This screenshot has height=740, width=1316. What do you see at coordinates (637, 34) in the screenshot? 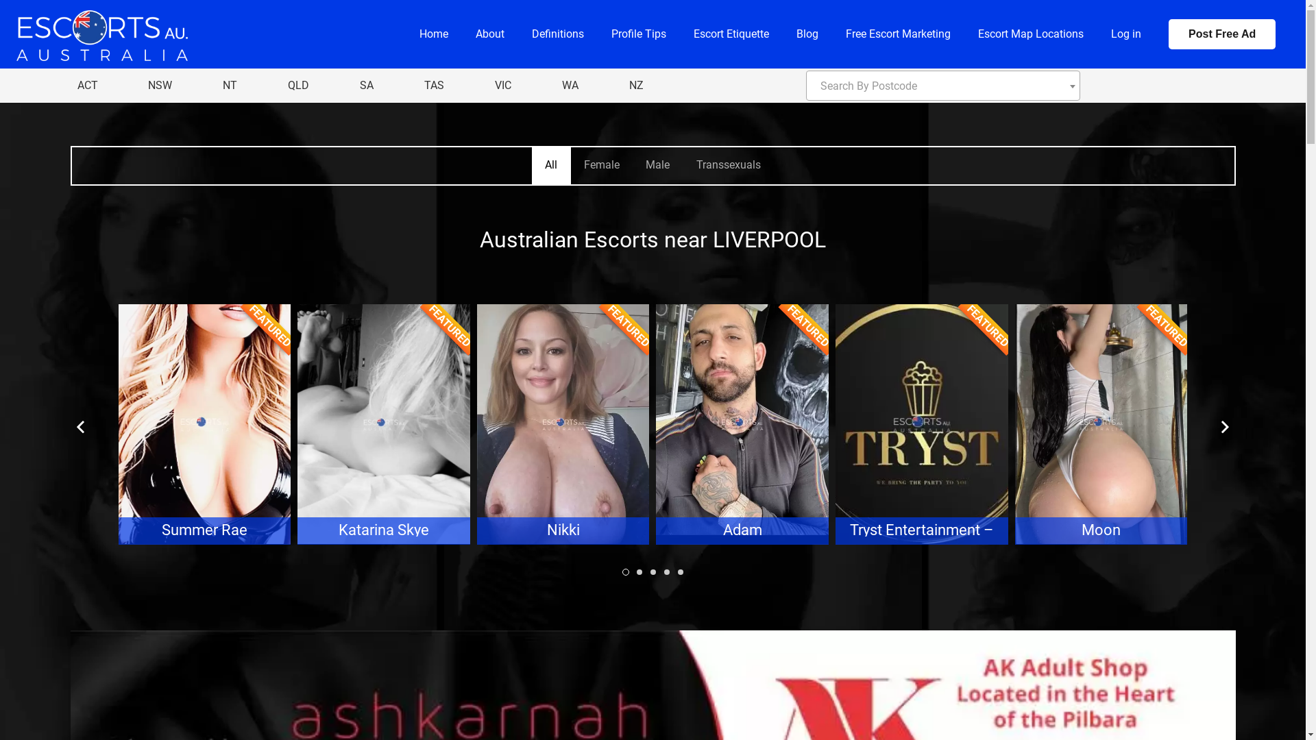
I see `'Profile Tips'` at bounding box center [637, 34].